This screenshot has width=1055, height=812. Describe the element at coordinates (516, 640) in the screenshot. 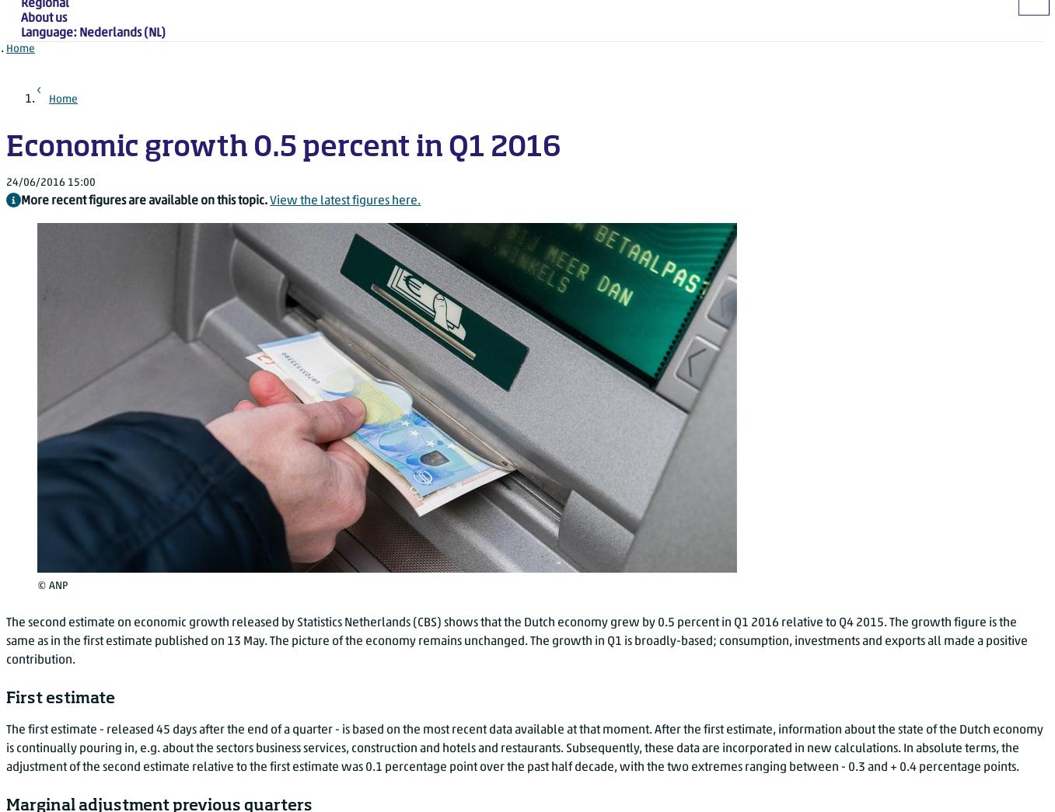

I see `'The second estimate on economic growth released by Statistics Netherlands (CBS) shows that the Dutch economy grew by 0.5 percent in Q1 2016 relative to Q4 2015. The growth figure is the same as in the first estimate published on 13 May. The picture of the economy remains unchanged. The growth in Q1 is broadly-based; consumption, investments and exports all made a positive contribution.'` at that location.